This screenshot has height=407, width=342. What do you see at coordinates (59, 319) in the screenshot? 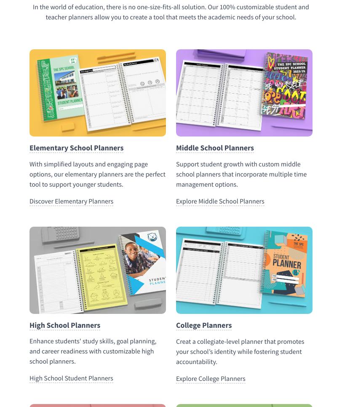
I see `'Elementary School Planners'` at bounding box center [59, 319].